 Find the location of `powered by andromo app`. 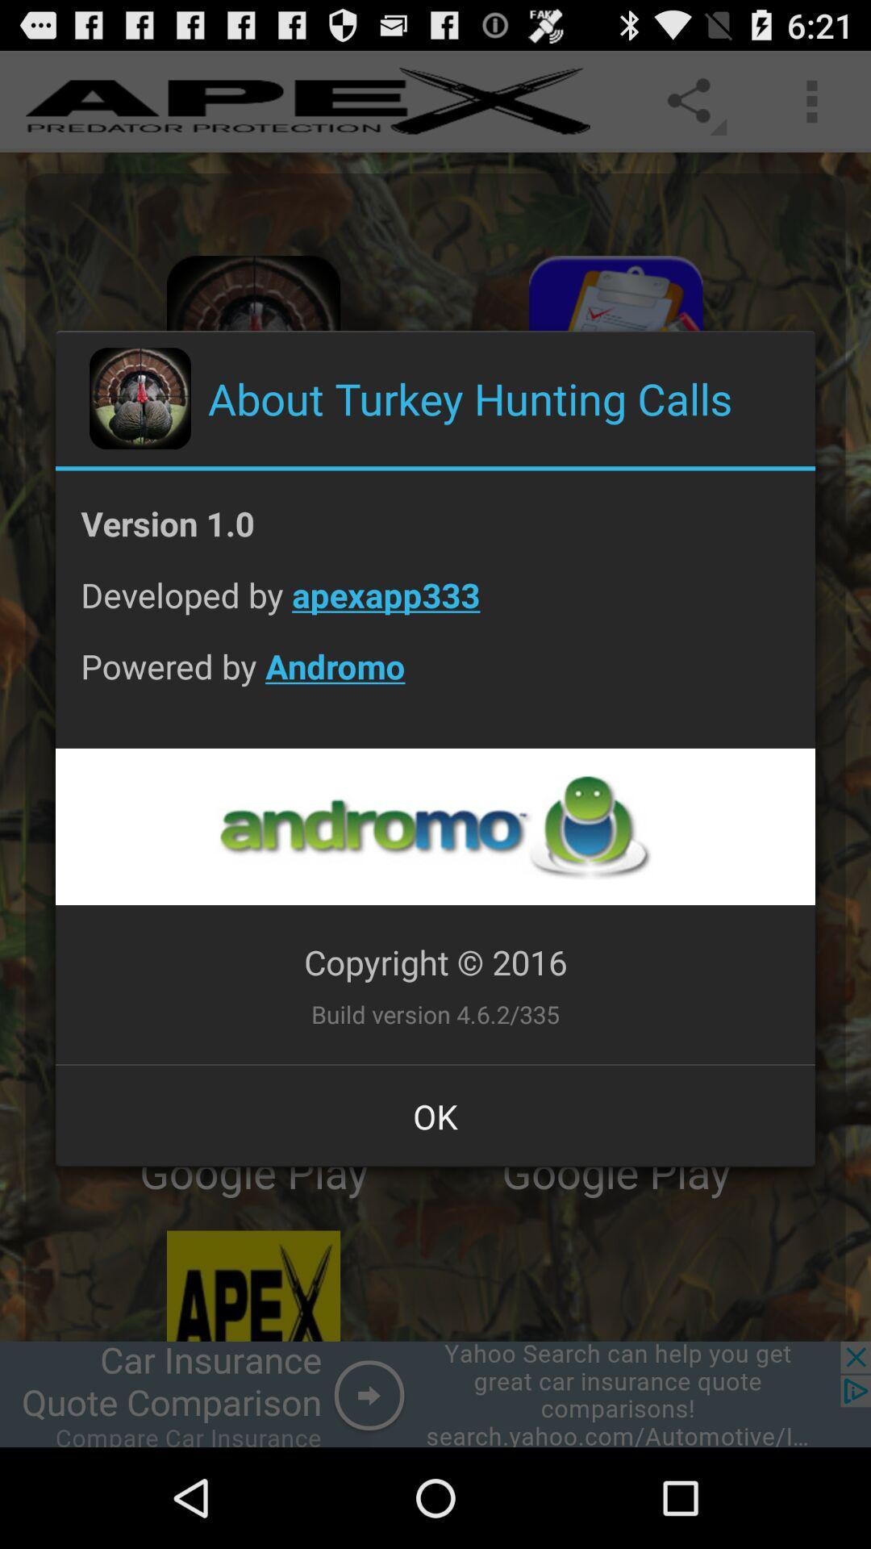

powered by andromo app is located at coordinates (435, 678).